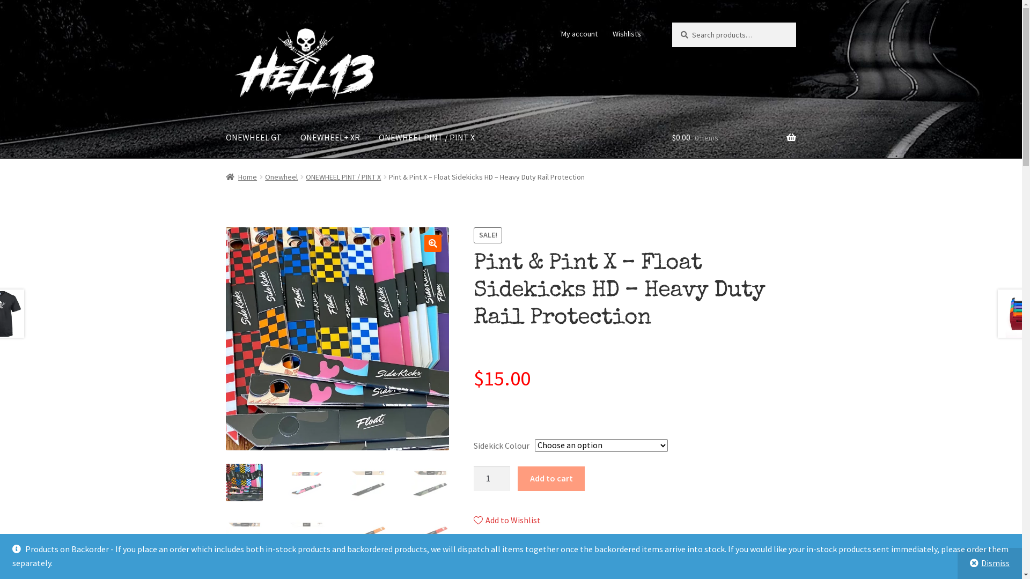 This screenshot has width=1030, height=579. I want to click on 'ONEWHEEL+ XR', so click(329, 137).